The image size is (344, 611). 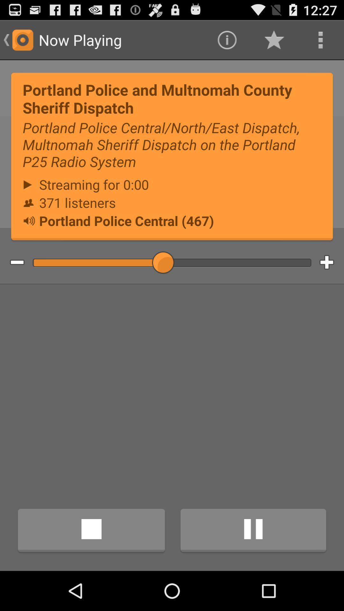 What do you see at coordinates (331, 281) in the screenshot?
I see `the add icon` at bounding box center [331, 281].